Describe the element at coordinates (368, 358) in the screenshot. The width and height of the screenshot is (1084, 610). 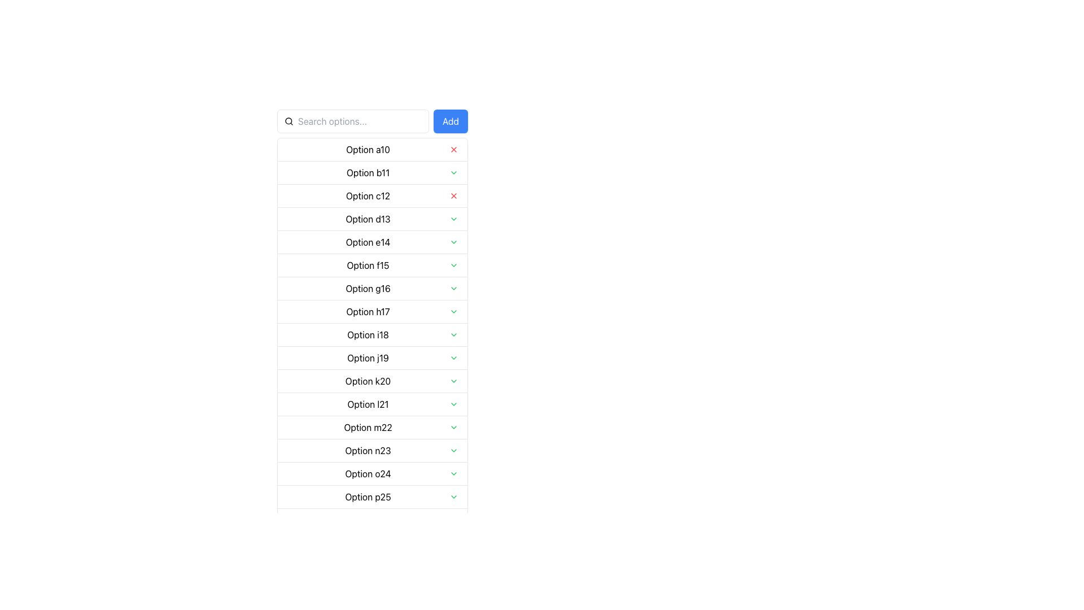
I see `the list item labeled 'Option j19' by clicking on it` at that location.